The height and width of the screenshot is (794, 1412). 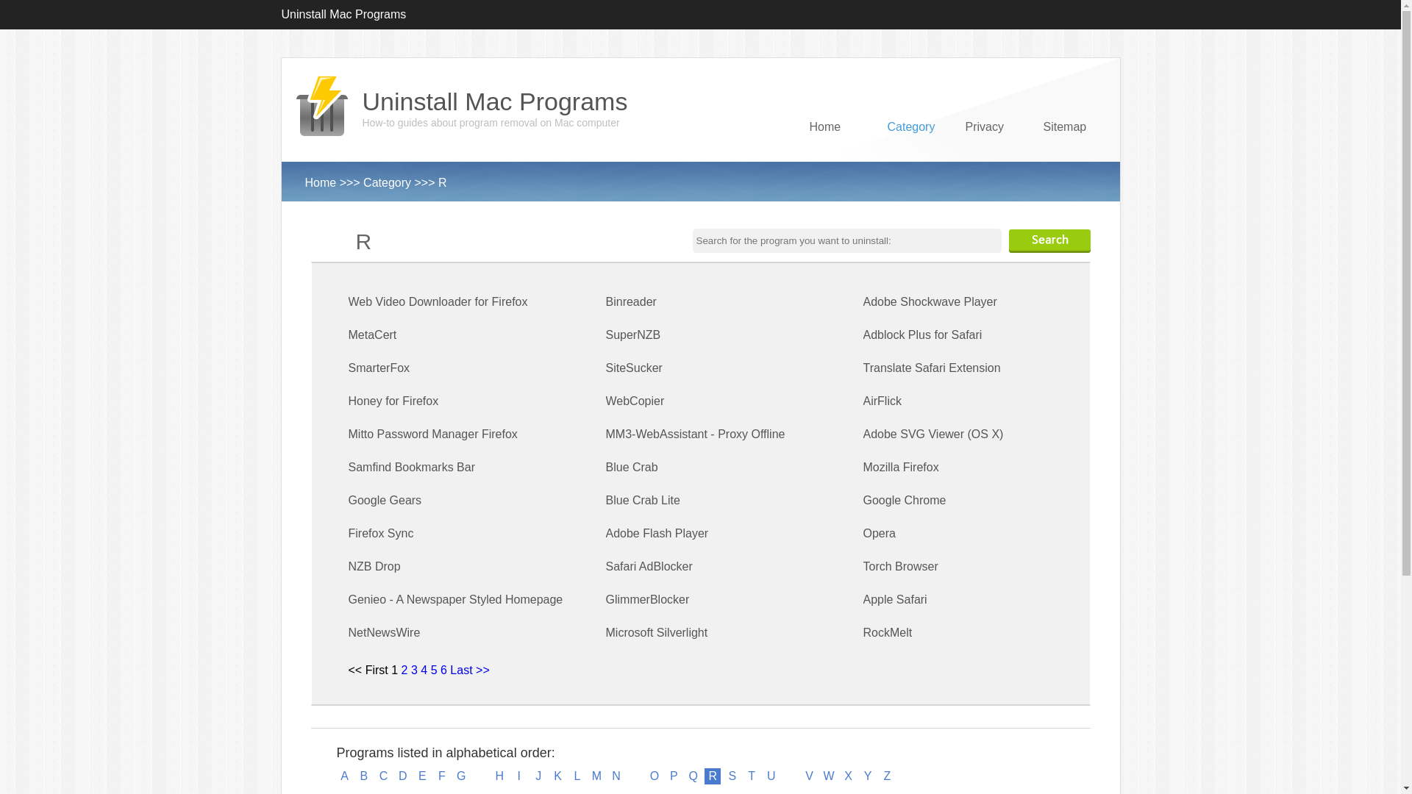 I want to click on 'WebCopier', so click(x=606, y=401).